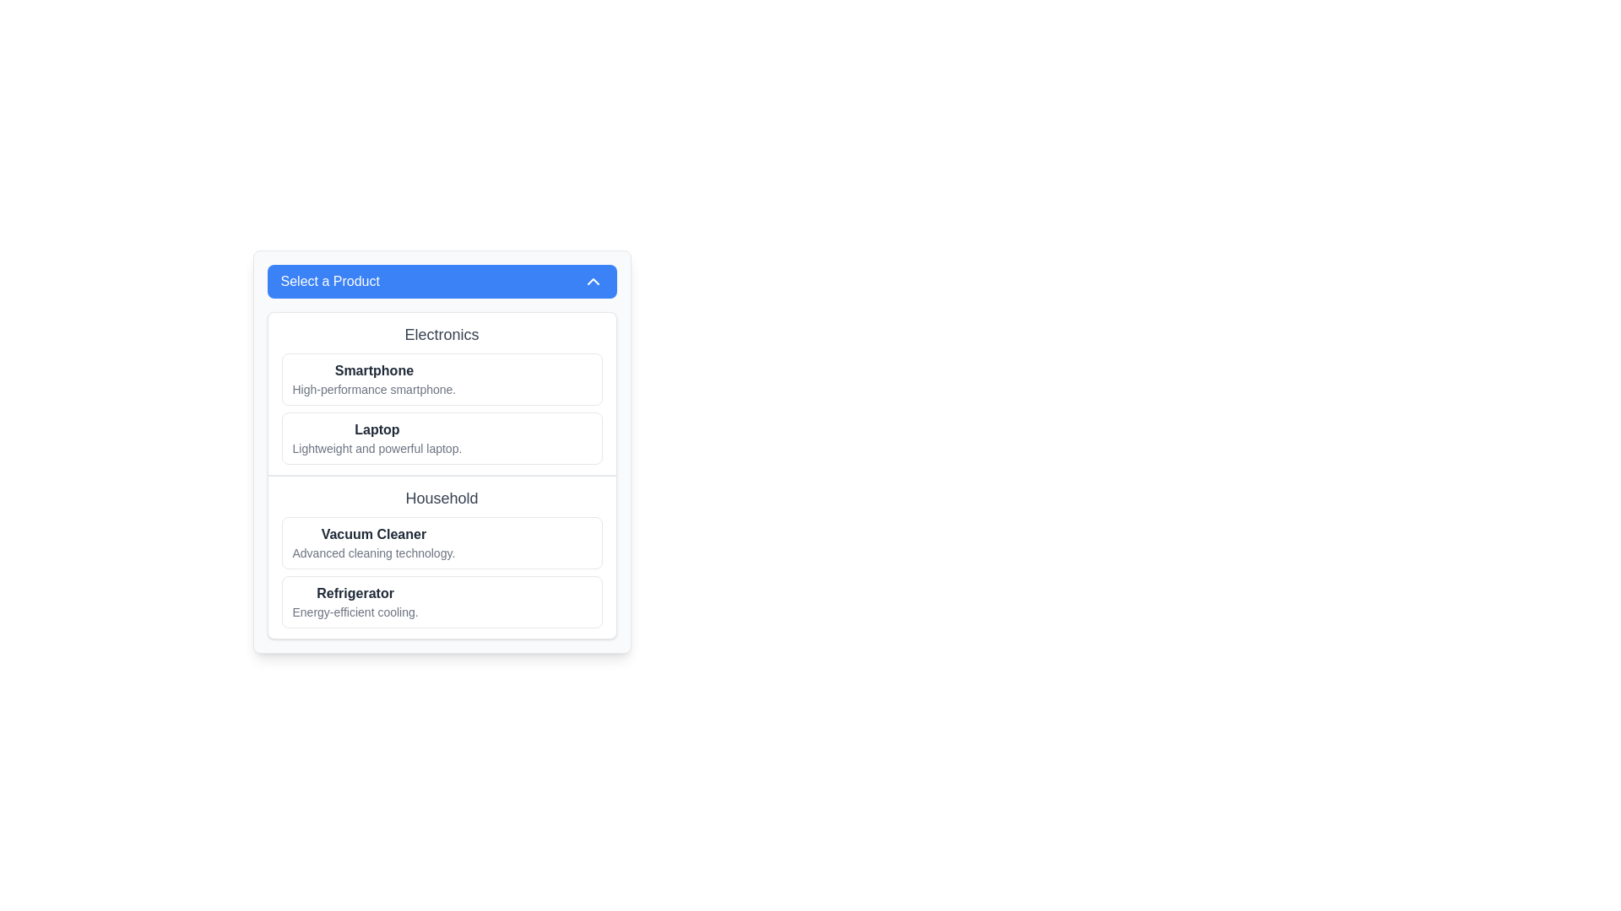  Describe the element at coordinates (442, 438) in the screenshot. I see `the product description card for the laptop, which is the second item in the Electronics category` at that location.